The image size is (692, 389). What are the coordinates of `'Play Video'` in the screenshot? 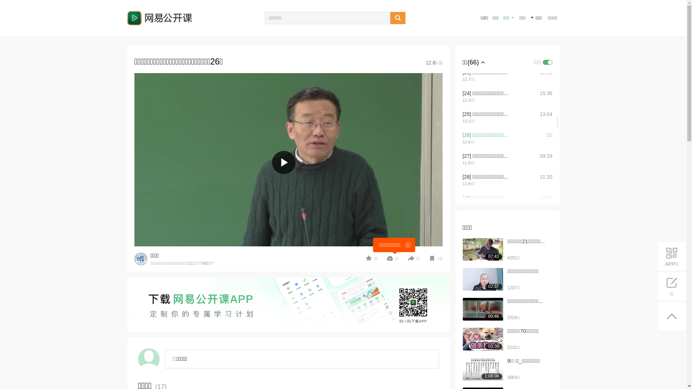 It's located at (283, 162).